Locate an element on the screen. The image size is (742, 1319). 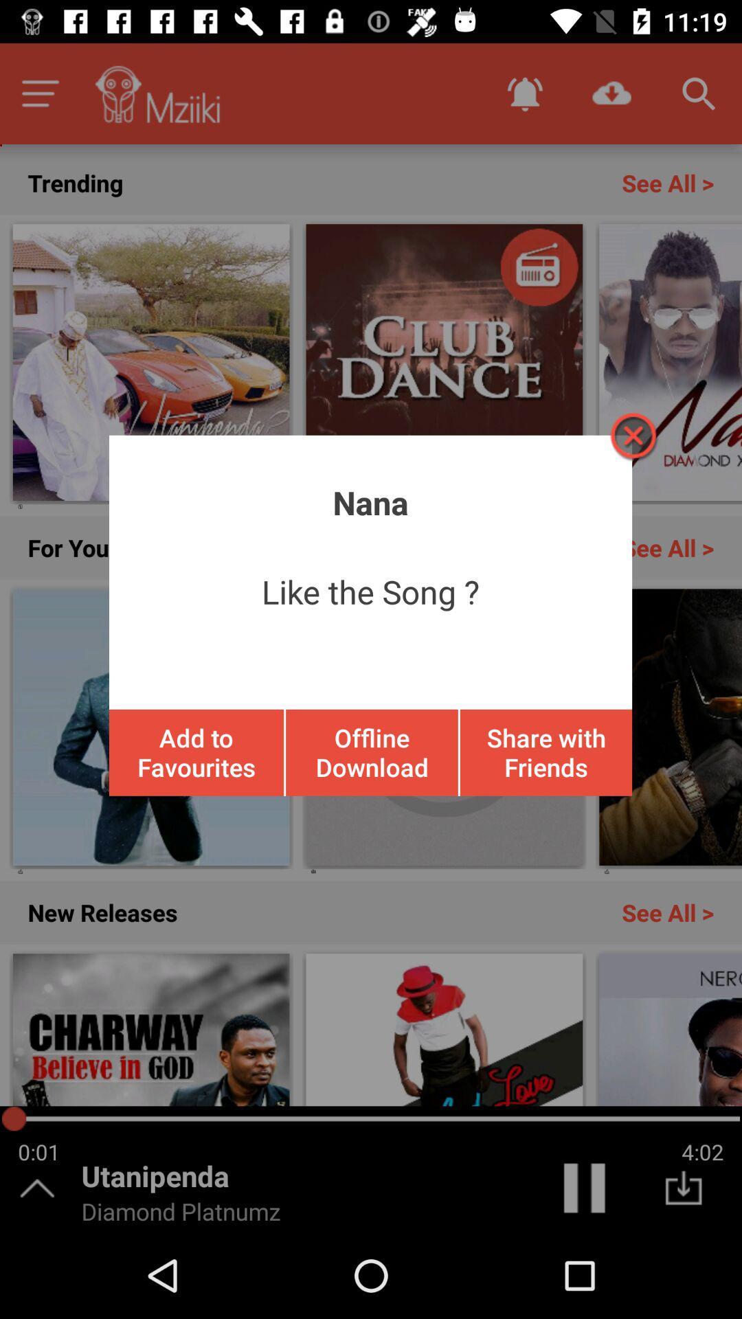
the button to the left of the offline download button is located at coordinates (196, 752).